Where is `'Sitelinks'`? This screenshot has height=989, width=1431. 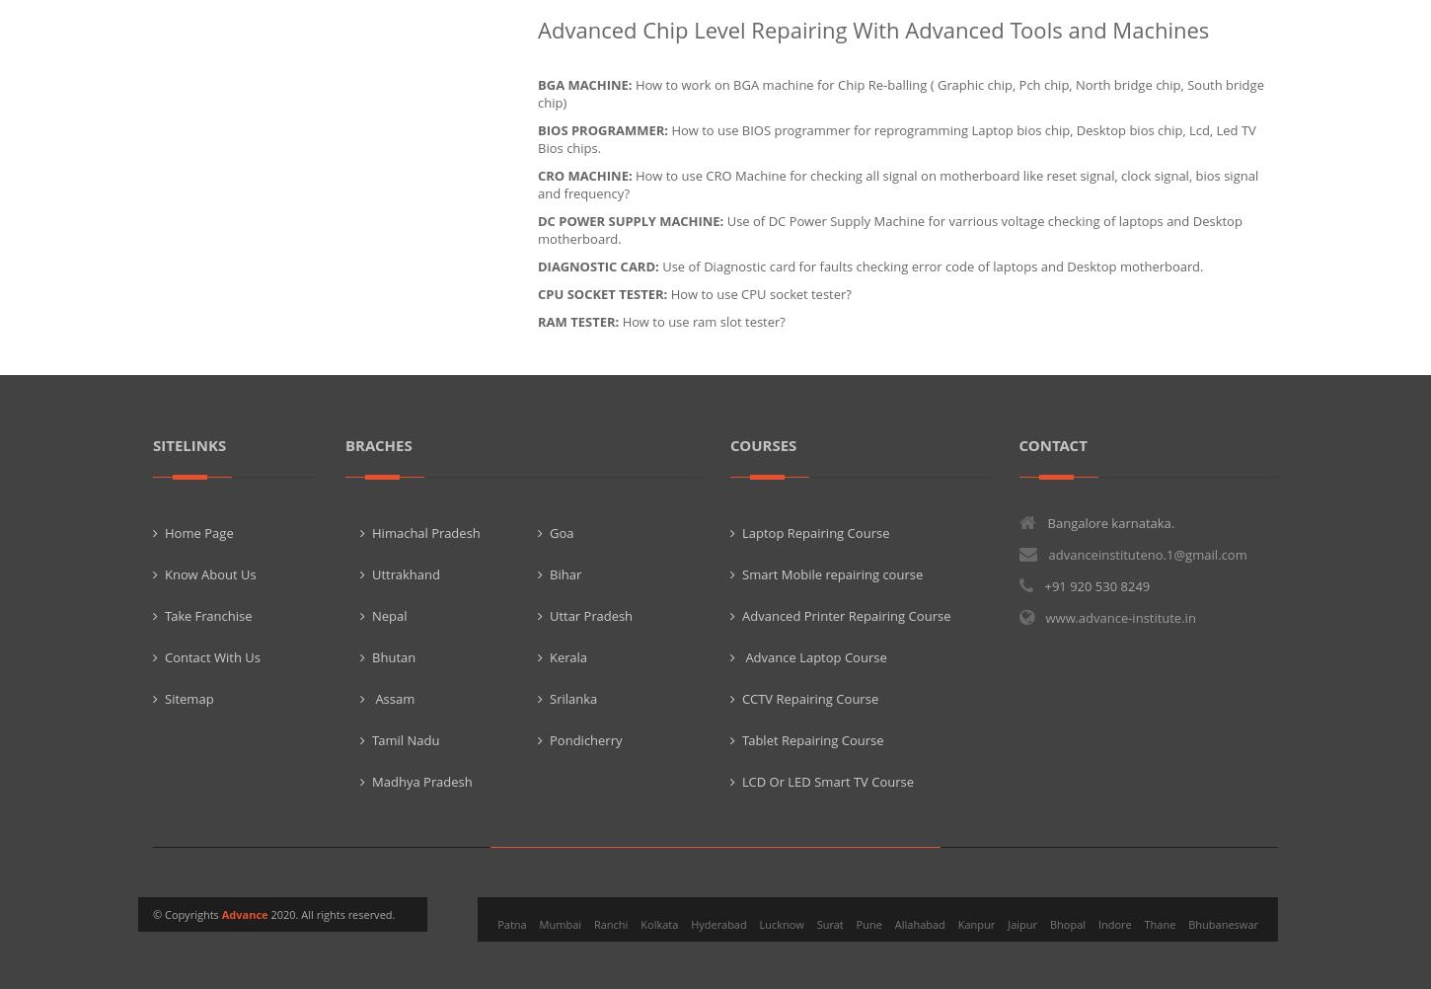
'Sitelinks' is located at coordinates (188, 444).